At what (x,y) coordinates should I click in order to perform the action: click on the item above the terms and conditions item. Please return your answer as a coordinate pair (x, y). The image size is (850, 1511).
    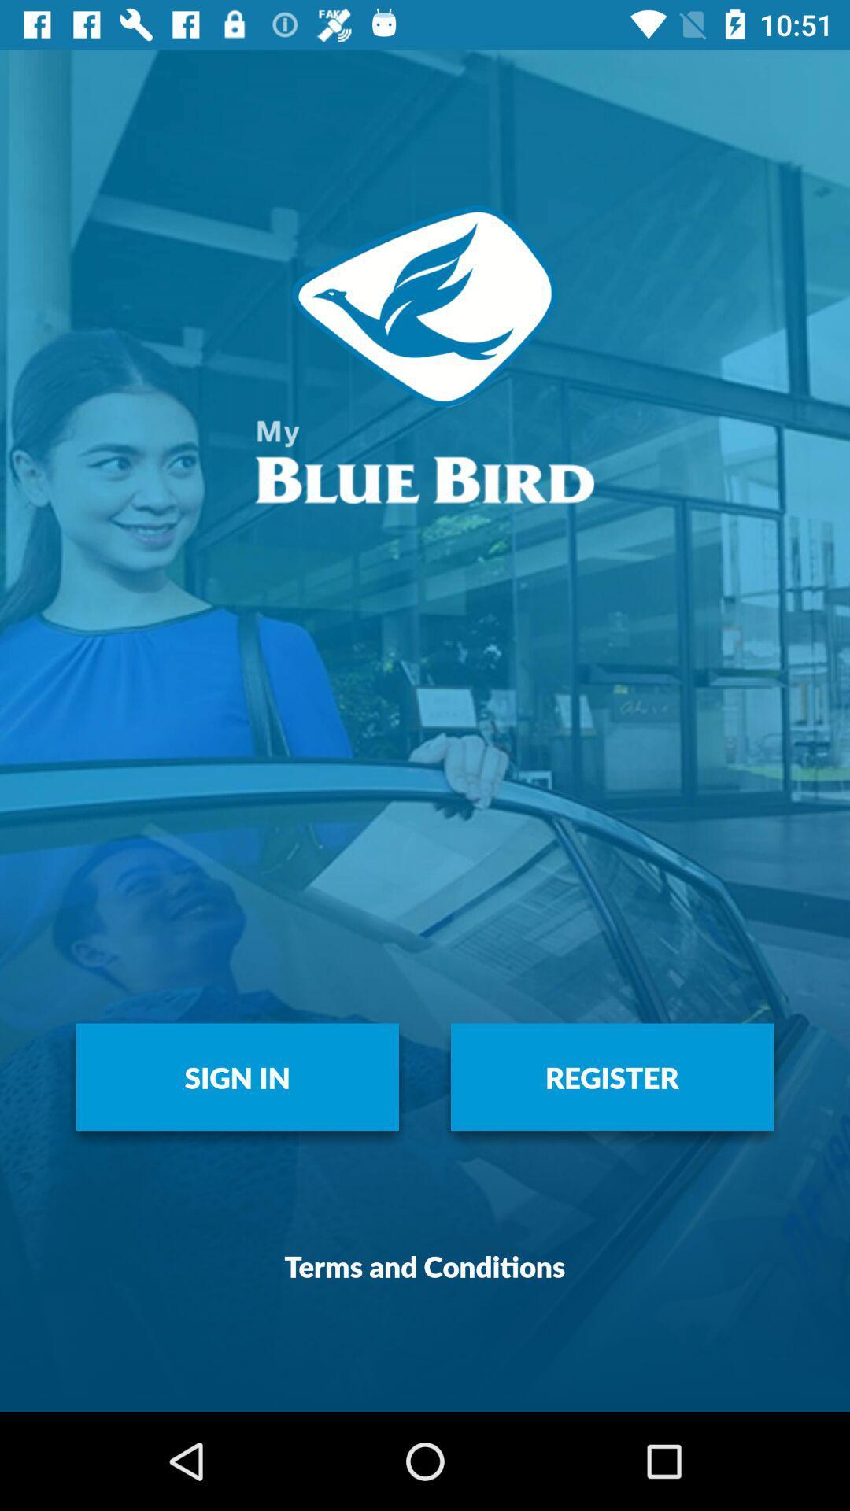
    Looking at the image, I should click on (237, 1076).